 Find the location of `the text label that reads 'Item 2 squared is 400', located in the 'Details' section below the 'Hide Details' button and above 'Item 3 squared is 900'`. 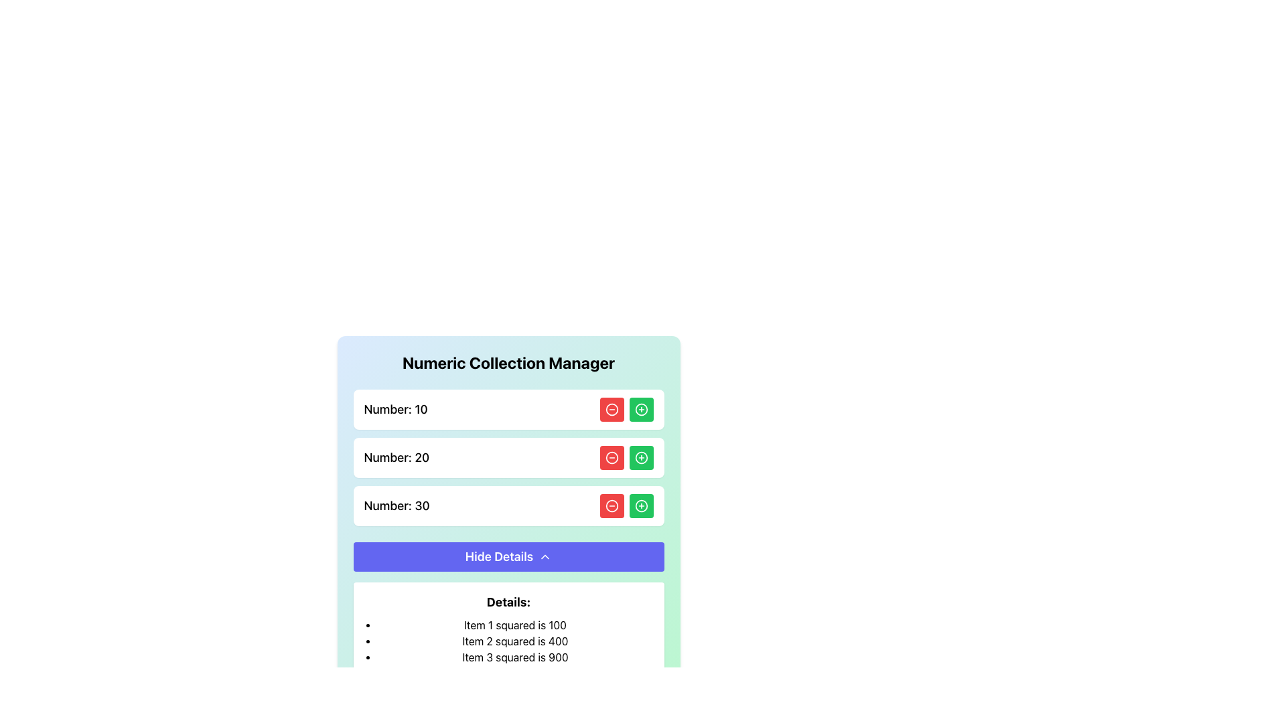

the text label that reads 'Item 2 squared is 400', located in the 'Details' section below the 'Hide Details' button and above 'Item 3 squared is 900' is located at coordinates (514, 640).